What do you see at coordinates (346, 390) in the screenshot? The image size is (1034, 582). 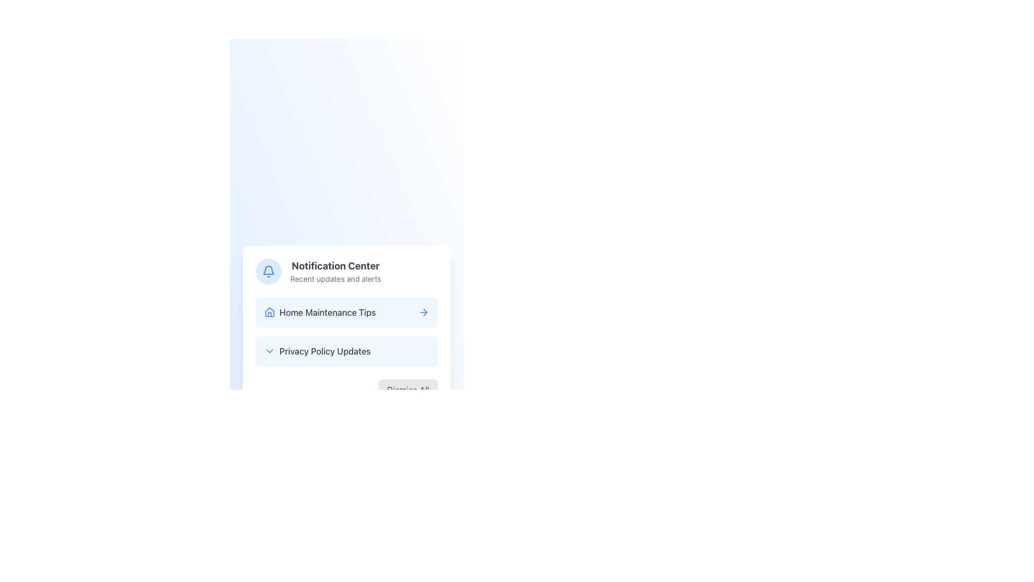 I see `the dismiss all notifications button located at the bottom-right corner of the 'Notification Center' white card` at bounding box center [346, 390].